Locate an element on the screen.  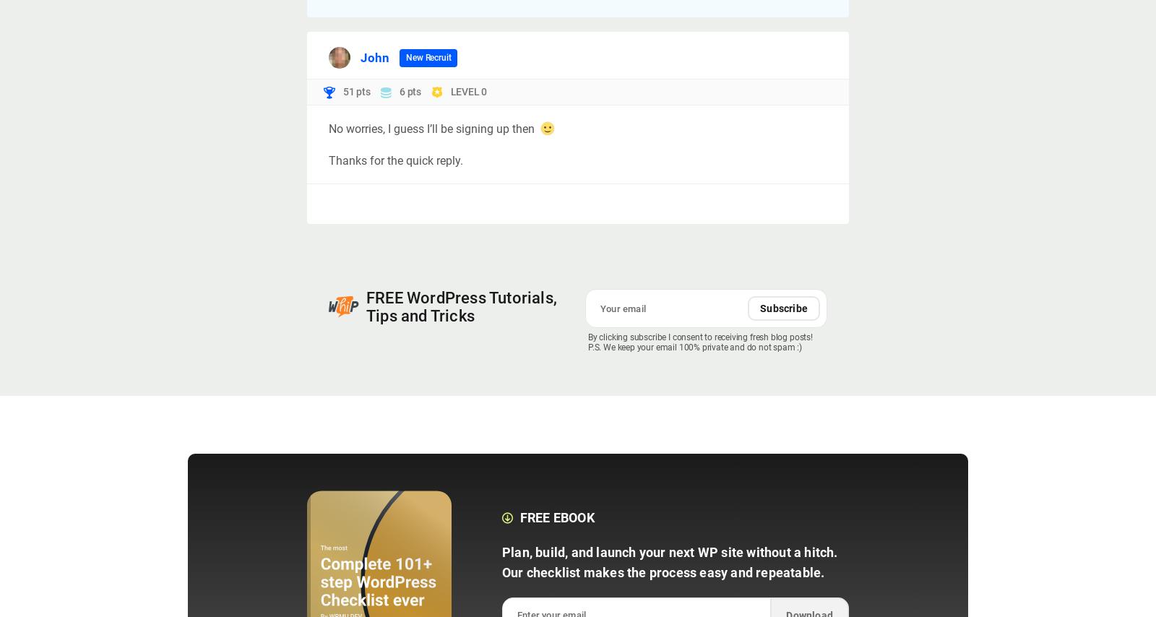
'Thanks for the quick reply.' is located at coordinates (395, 160).